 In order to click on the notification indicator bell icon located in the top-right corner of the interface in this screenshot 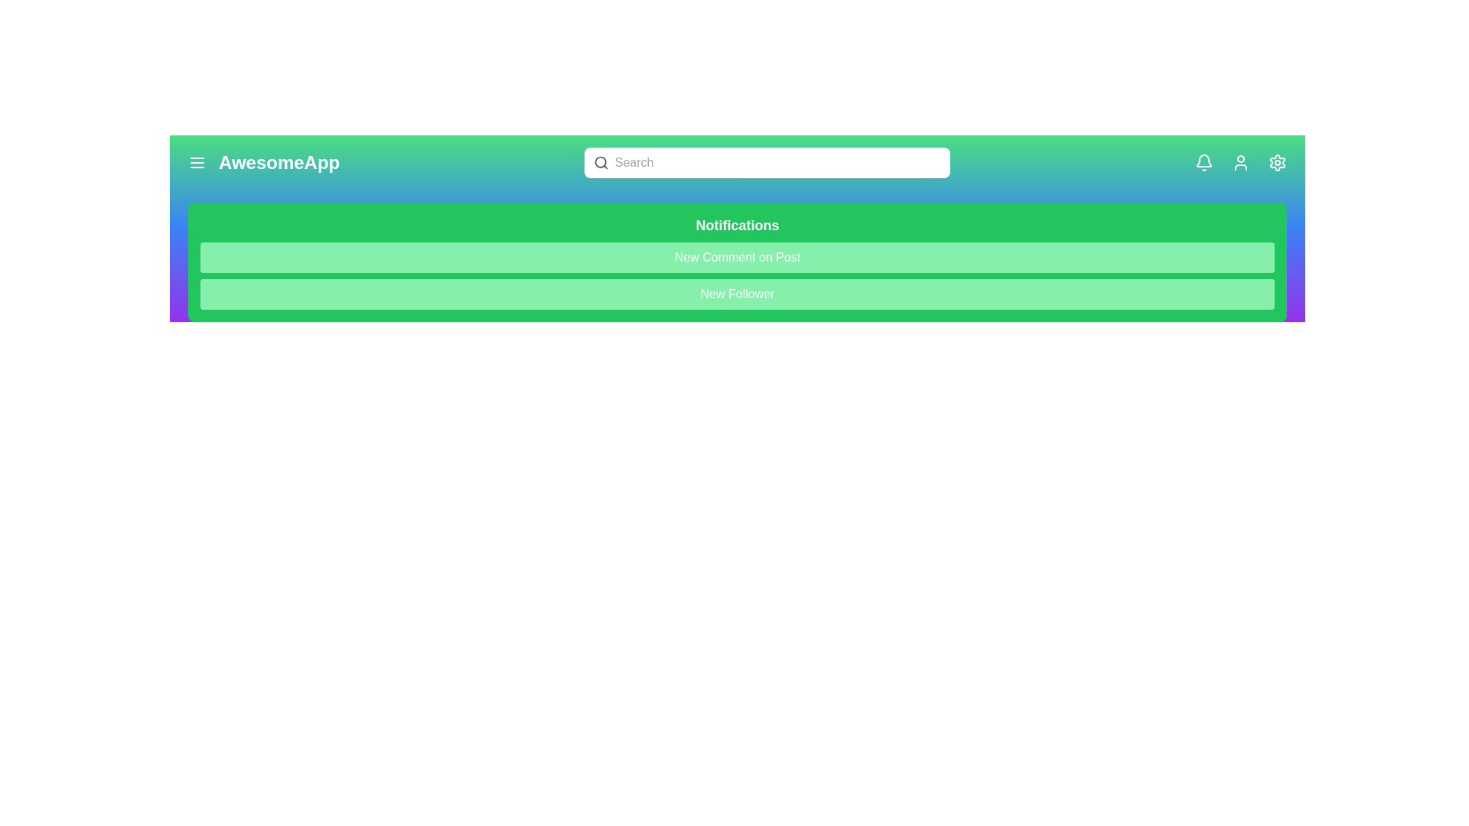, I will do `click(1204, 161)`.